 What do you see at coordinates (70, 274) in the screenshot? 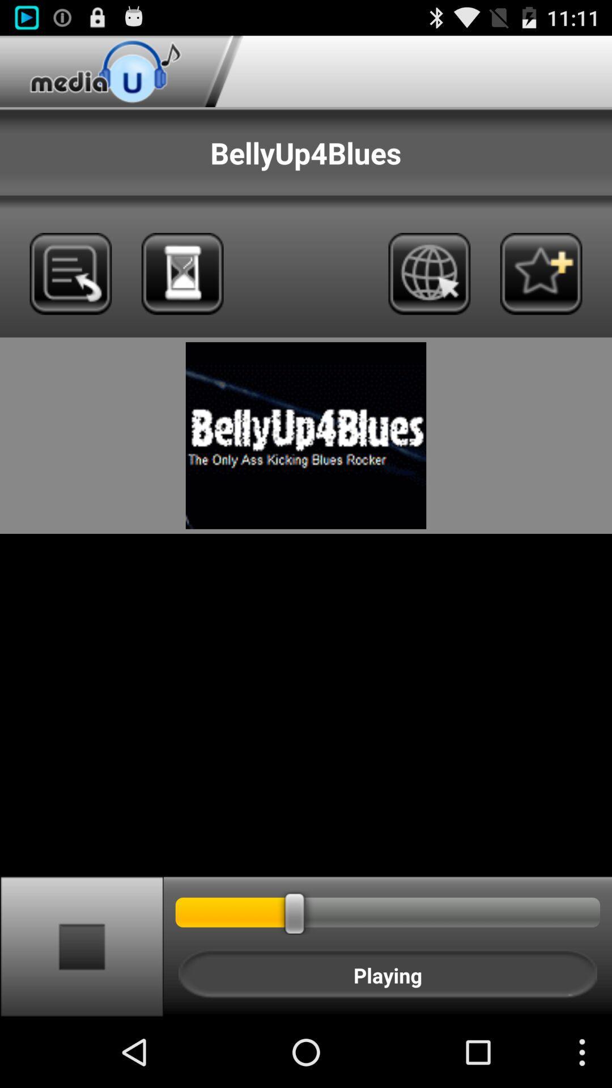
I see `open/close menu` at bounding box center [70, 274].